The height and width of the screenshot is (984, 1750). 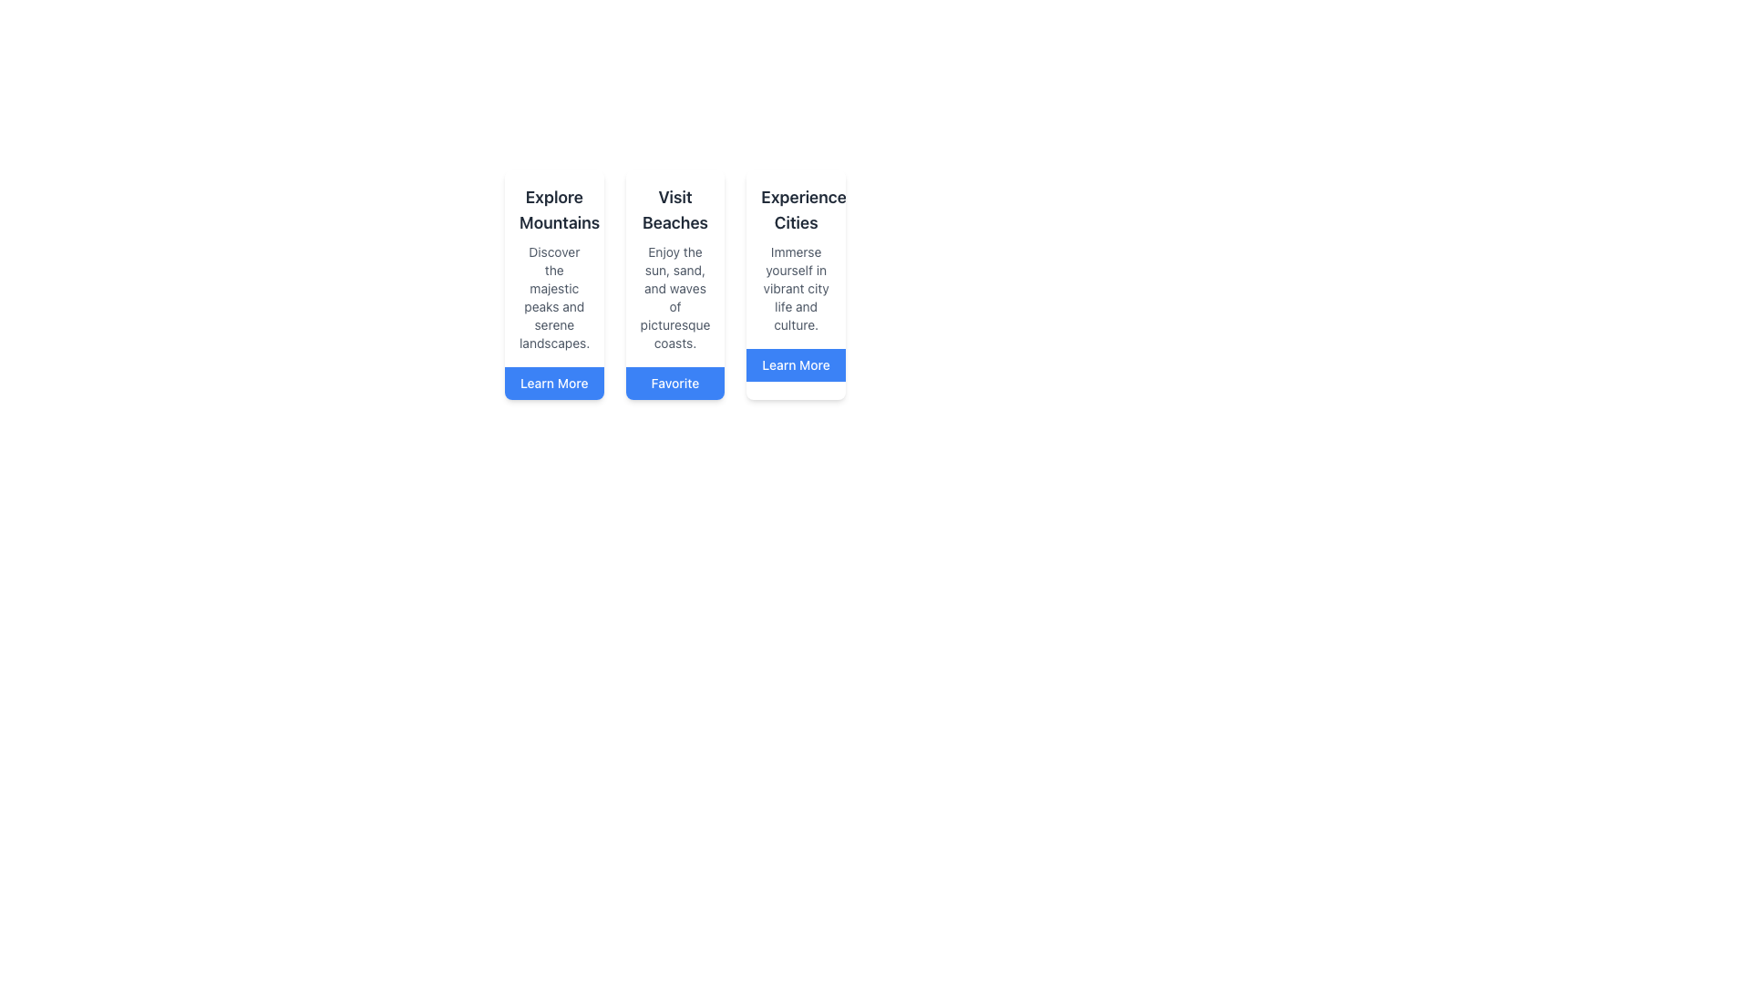 I want to click on the Informational Text Block featuring the heading 'Explore Mountains' and a descriptive paragraph about majestic peaks and serene landscapes, so click(x=553, y=268).